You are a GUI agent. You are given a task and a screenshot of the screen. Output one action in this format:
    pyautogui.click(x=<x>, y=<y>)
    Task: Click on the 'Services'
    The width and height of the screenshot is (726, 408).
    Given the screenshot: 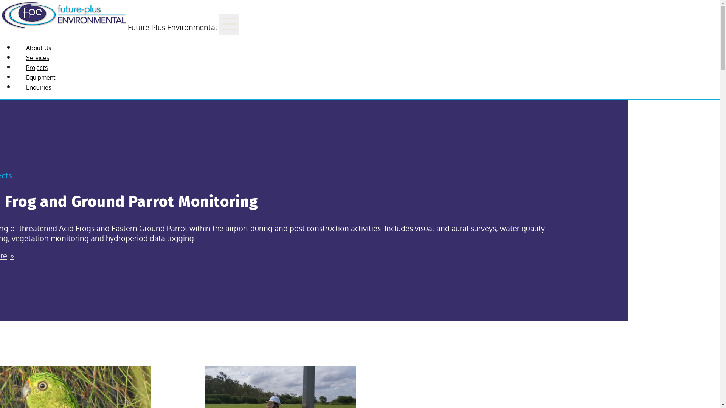 What is the action you would take?
    pyautogui.click(x=37, y=57)
    